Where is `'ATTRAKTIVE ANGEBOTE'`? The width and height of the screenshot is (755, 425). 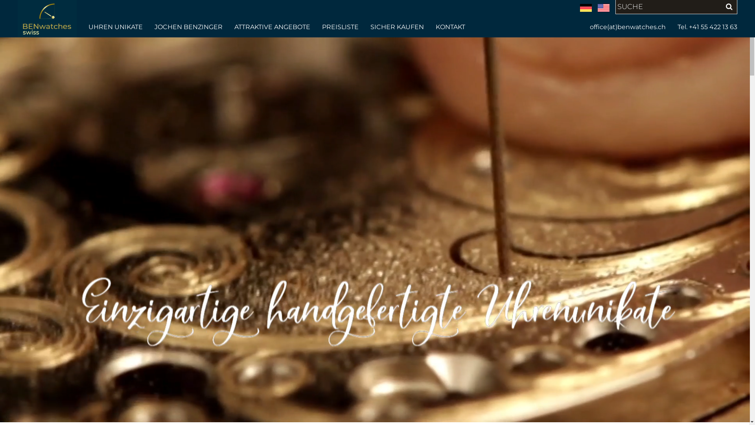
'ATTRAKTIVE ANGEBOTE' is located at coordinates (272, 27).